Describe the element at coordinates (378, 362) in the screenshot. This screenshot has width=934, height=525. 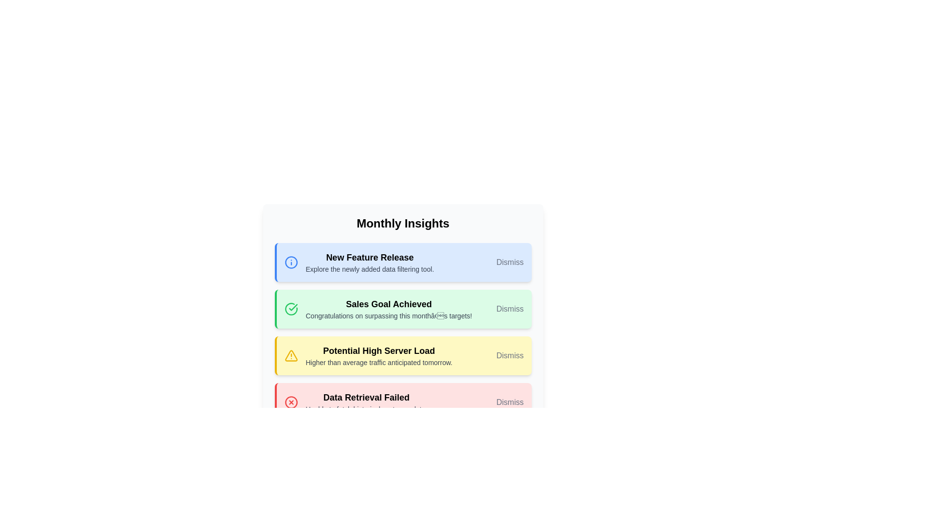
I see `the text display providing additional information about the 'Potential High Server Load' notification located below the bold heading in the yellow area` at that location.